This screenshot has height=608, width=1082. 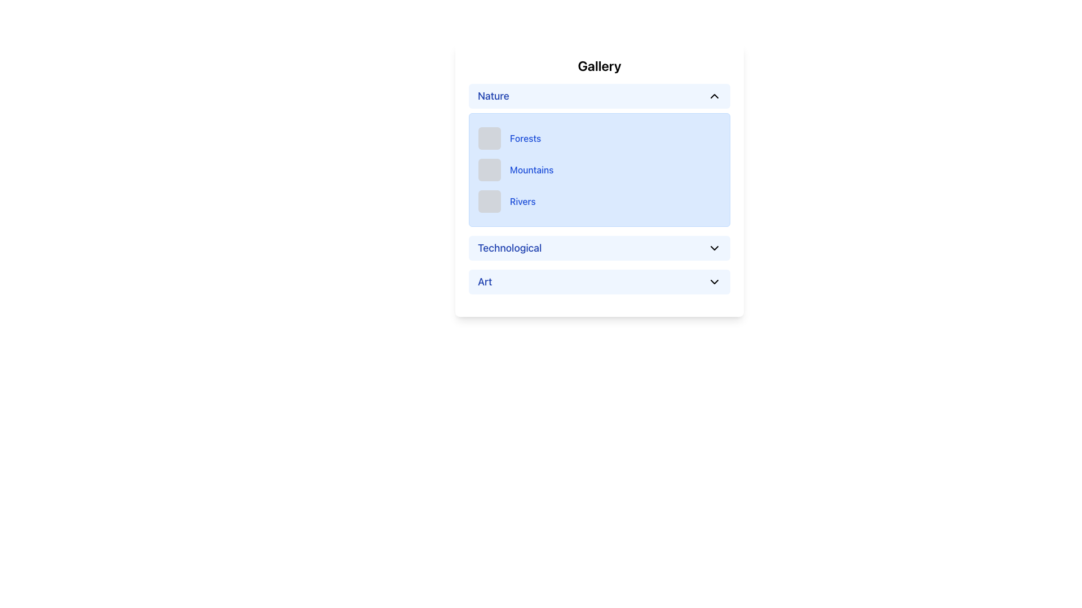 What do you see at coordinates (522, 201) in the screenshot?
I see `the 'Rivers' label` at bounding box center [522, 201].